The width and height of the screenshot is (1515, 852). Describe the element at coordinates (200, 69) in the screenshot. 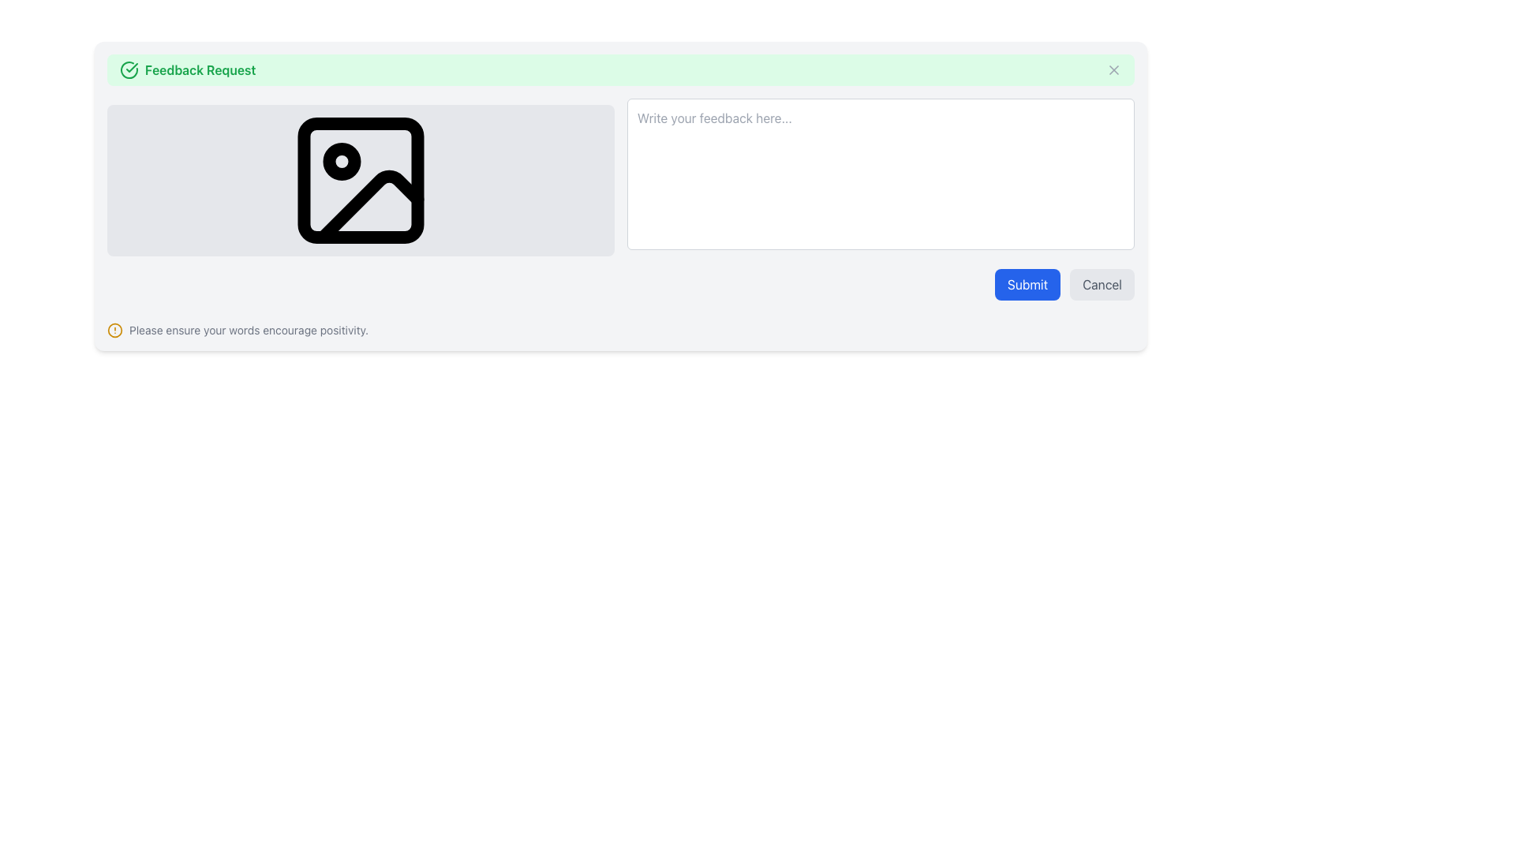

I see `the static text label that reads 'Feedback Request', which is positioned in the upper-left area of the feedback interface adjacent to a checkmark icon in a light green status bar` at that location.